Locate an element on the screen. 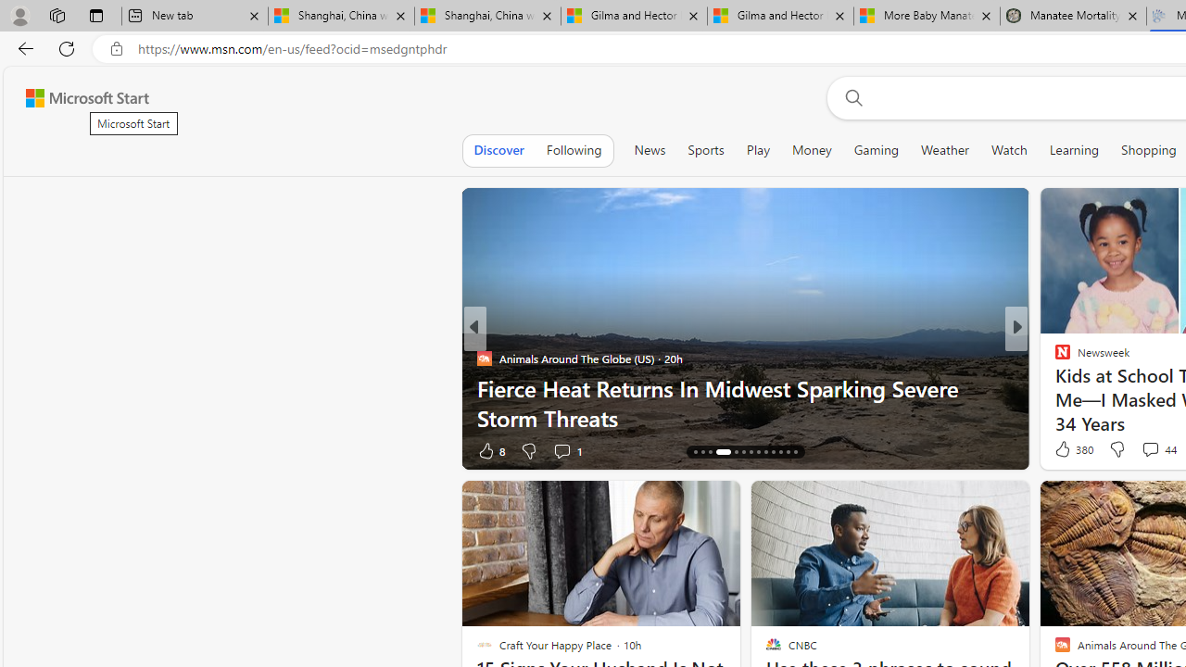  'AutomationID: tab-25' is located at coordinates (788, 452).